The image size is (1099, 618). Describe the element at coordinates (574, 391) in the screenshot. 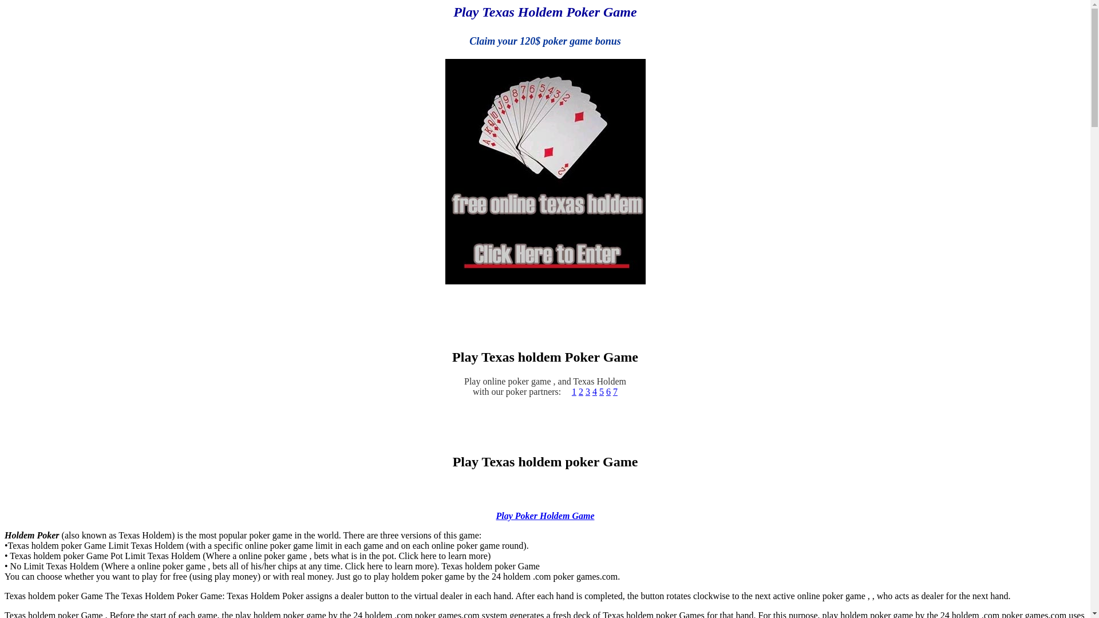

I see `'1'` at that location.